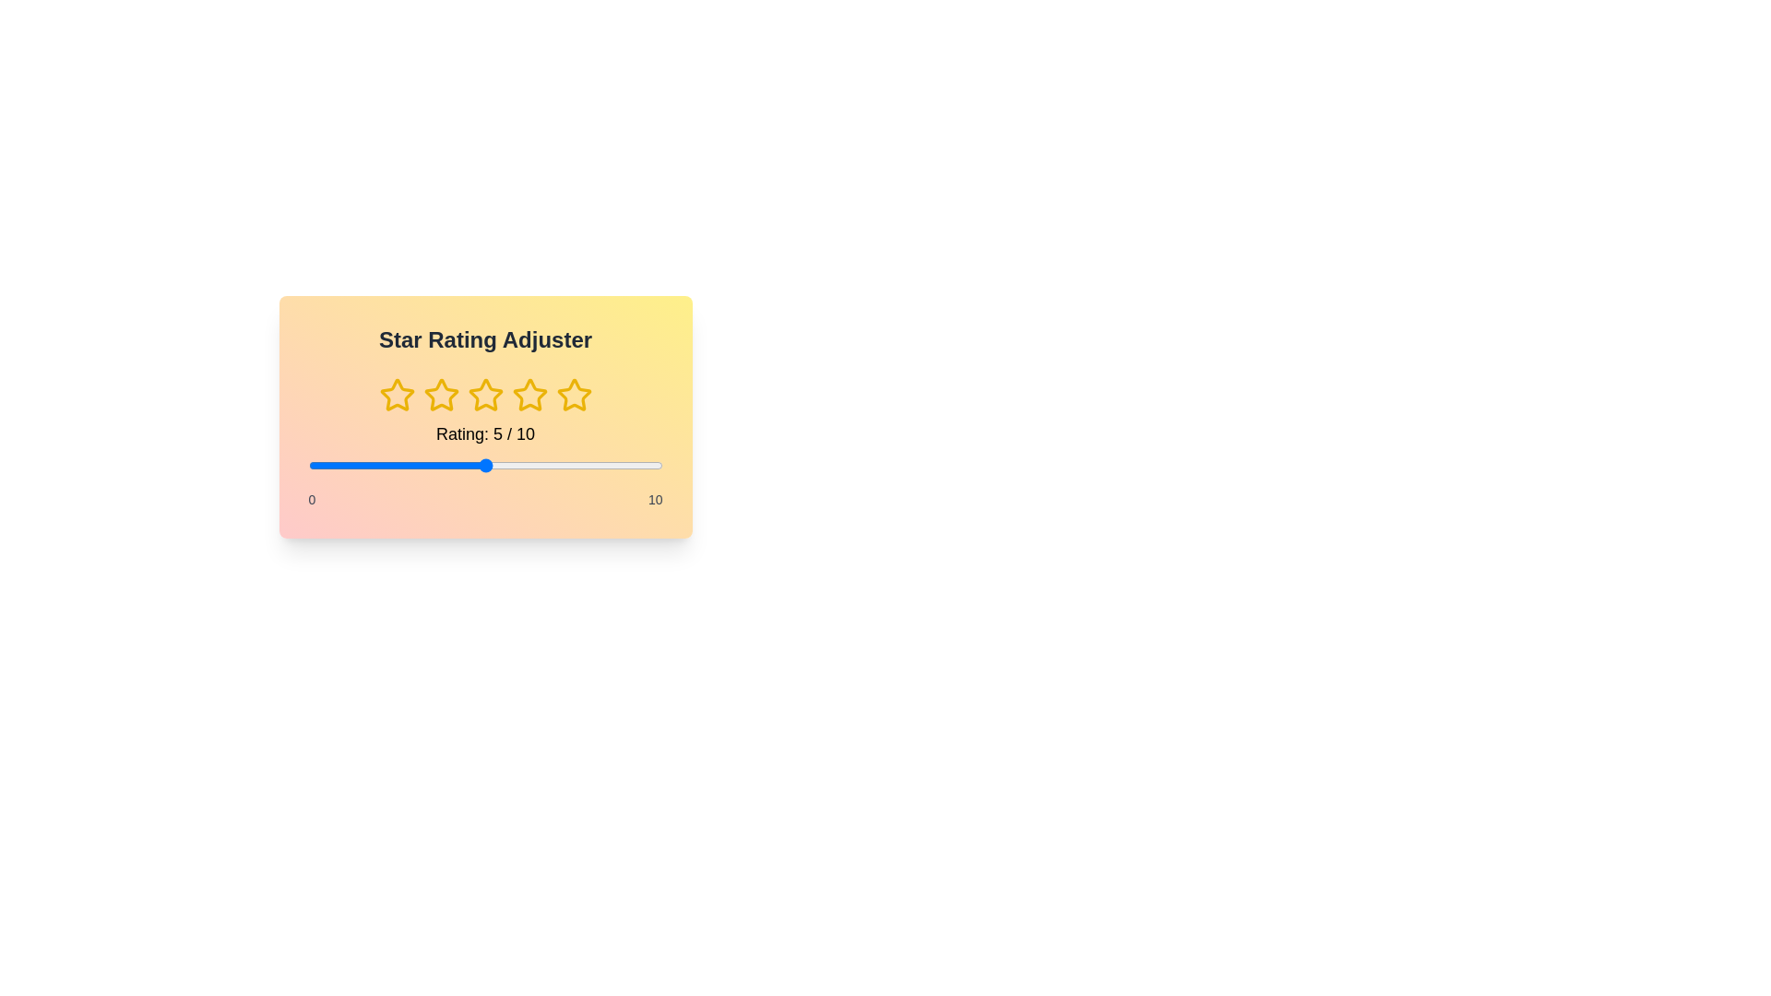 The width and height of the screenshot is (1771, 996). Describe the element at coordinates (627, 465) in the screenshot. I see `the slider to set the rating to 9 within the range of 0 to 10` at that location.